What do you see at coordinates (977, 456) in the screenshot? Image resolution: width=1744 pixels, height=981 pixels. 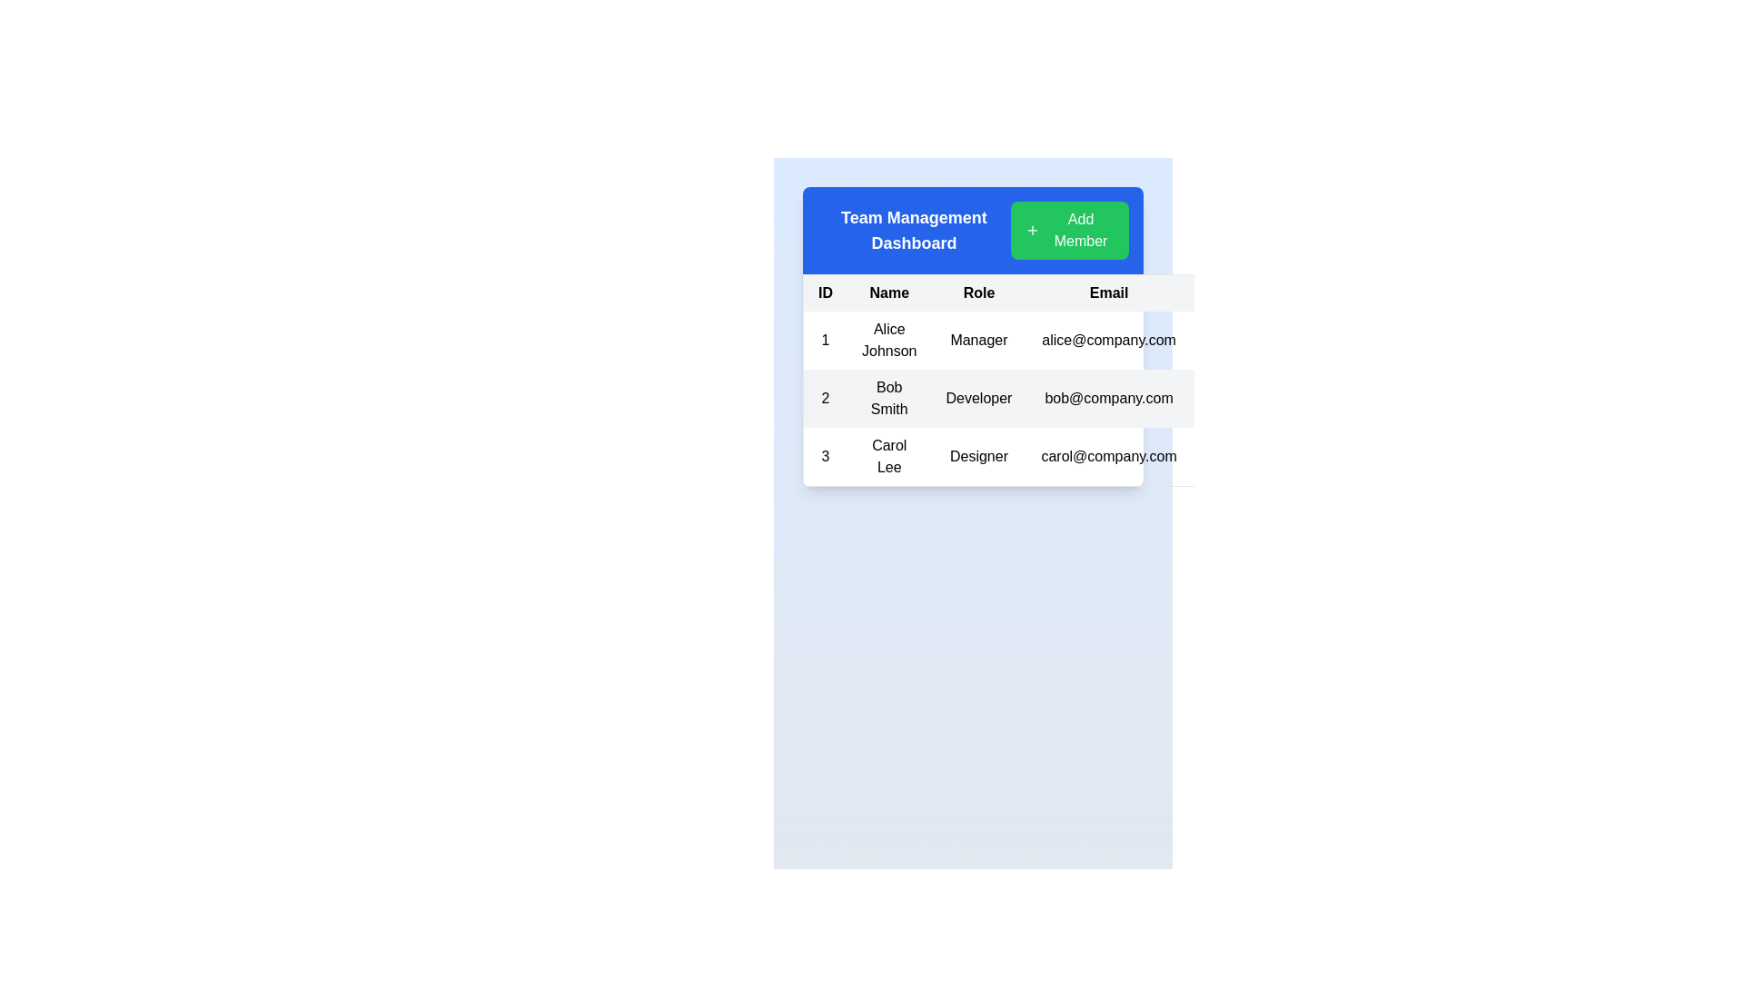 I see `the 'Role' text label for 'Carol Lee' in the third row and third column of the table, which provides a designation within a team management interface` at bounding box center [977, 456].